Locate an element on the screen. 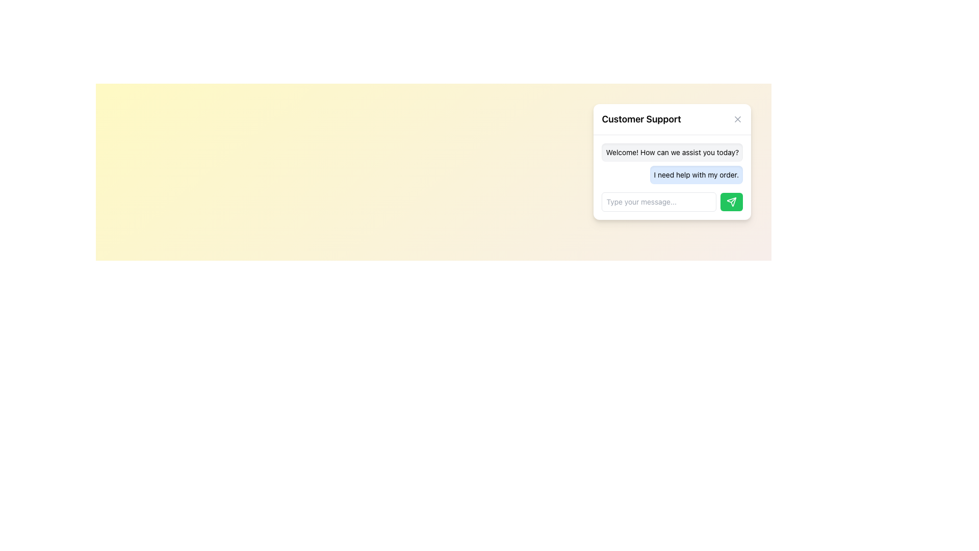 Image resolution: width=979 pixels, height=551 pixels. the green button with a white paper plane icon to send a message is located at coordinates (731, 202).